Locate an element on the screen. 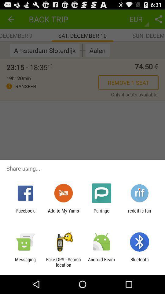  bluetooth app is located at coordinates (139, 262).